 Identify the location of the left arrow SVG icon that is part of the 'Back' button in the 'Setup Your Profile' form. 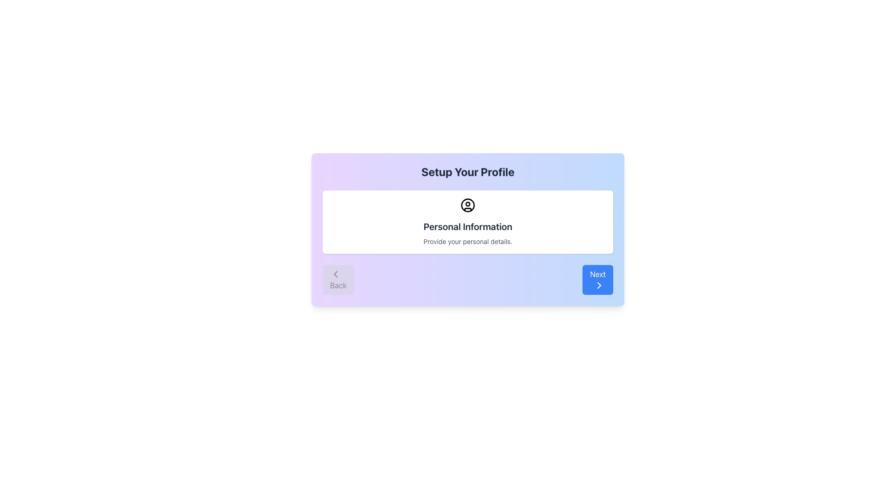
(335, 274).